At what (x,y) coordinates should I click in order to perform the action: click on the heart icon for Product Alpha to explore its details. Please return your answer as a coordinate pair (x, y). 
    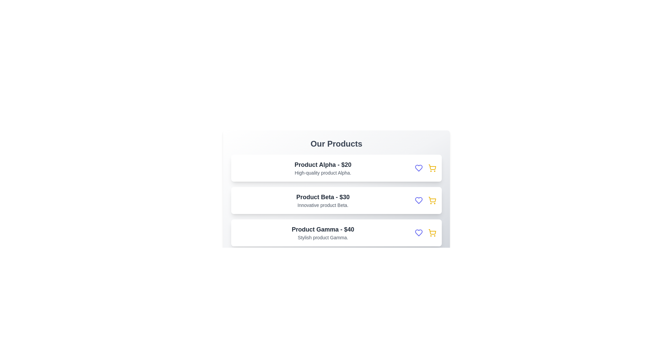
    Looking at the image, I should click on (418, 168).